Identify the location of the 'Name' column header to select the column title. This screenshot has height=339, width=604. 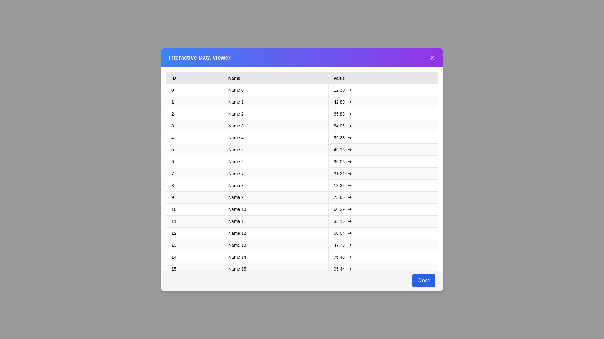
(275, 78).